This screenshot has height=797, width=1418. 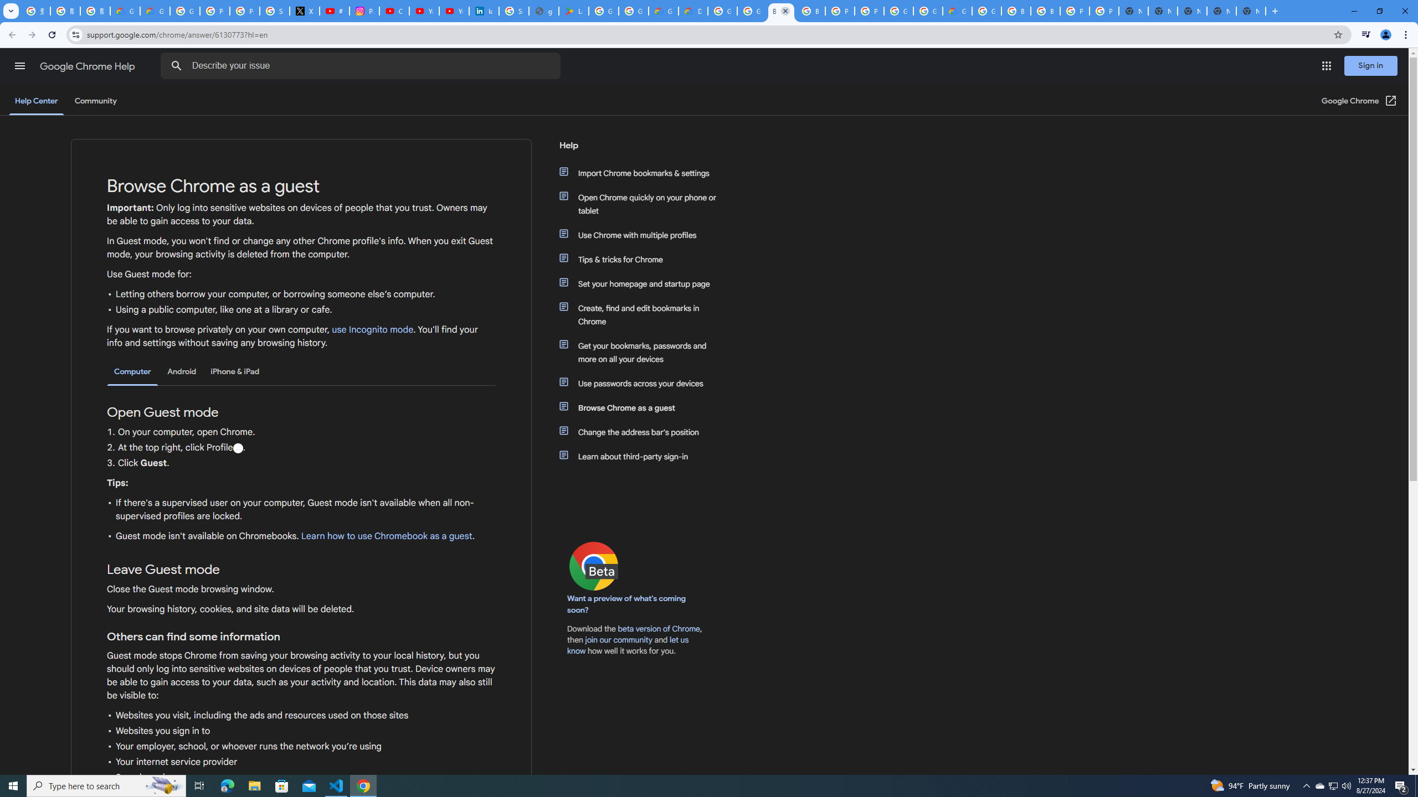 What do you see at coordinates (634, 11) in the screenshot?
I see `'Google Workspace - Specific Terms'` at bounding box center [634, 11].